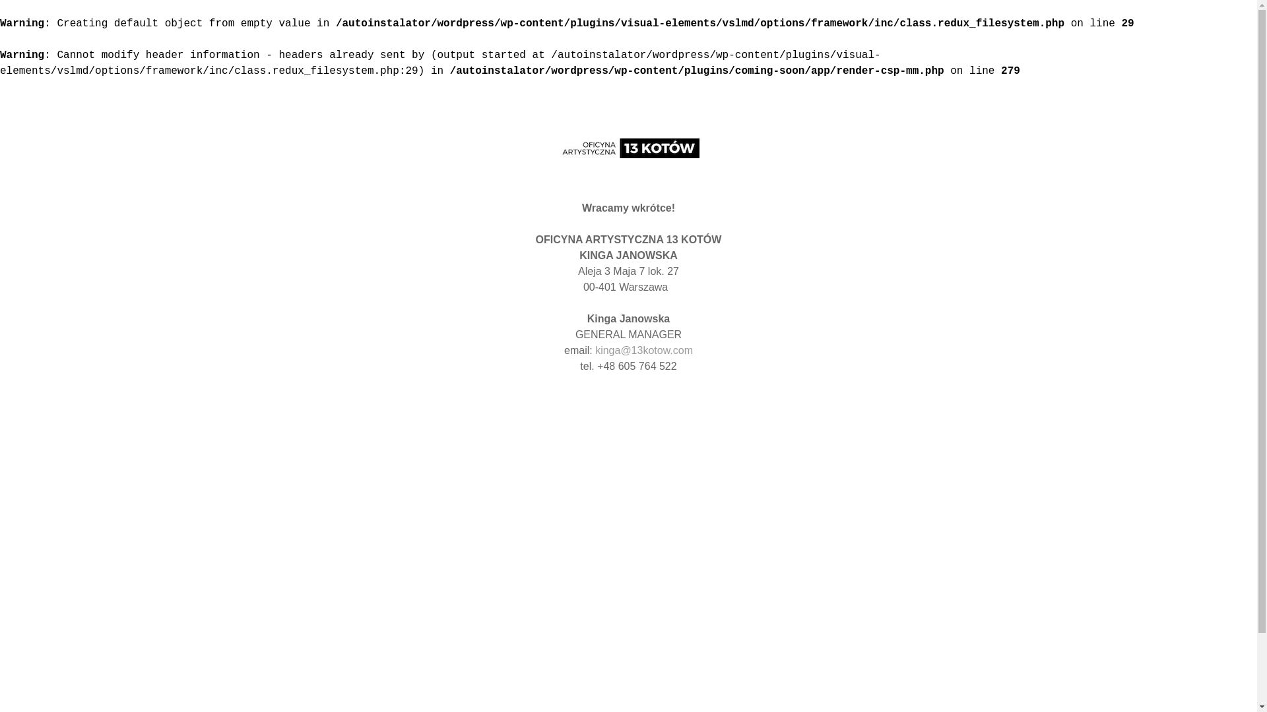  Describe the element at coordinates (643, 349) in the screenshot. I see `'kinga@13kotow.com'` at that location.